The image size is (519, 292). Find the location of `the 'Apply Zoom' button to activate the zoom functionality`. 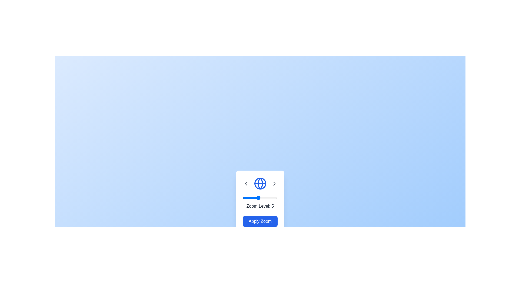

the 'Apply Zoom' button to activate the zoom functionality is located at coordinates (260, 221).